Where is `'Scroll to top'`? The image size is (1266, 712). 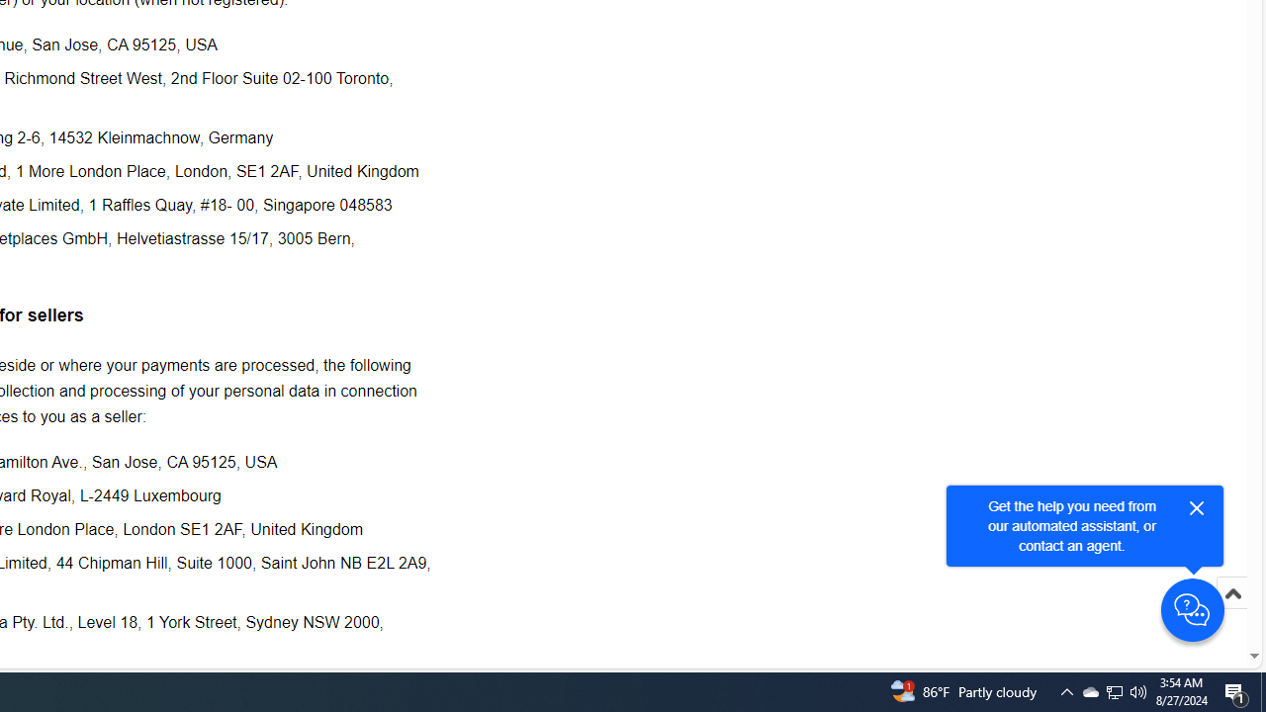 'Scroll to top' is located at coordinates (1231, 591).